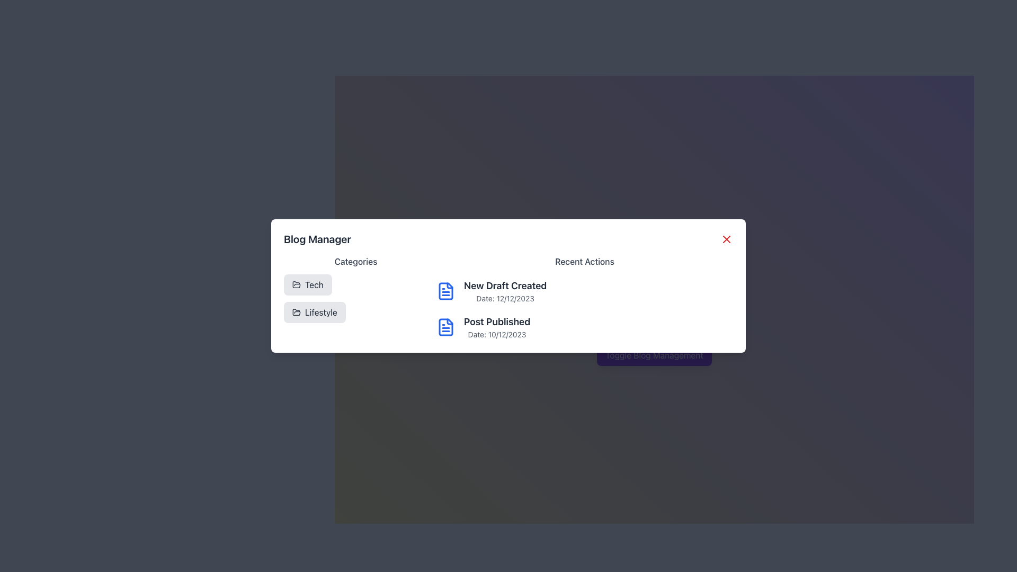 The width and height of the screenshot is (1017, 572). What do you see at coordinates (508, 298) in the screenshot?
I see `any category or item in the composite collection of interactive buttons and recent actions in the 'Blog Manager' dialog box` at bounding box center [508, 298].